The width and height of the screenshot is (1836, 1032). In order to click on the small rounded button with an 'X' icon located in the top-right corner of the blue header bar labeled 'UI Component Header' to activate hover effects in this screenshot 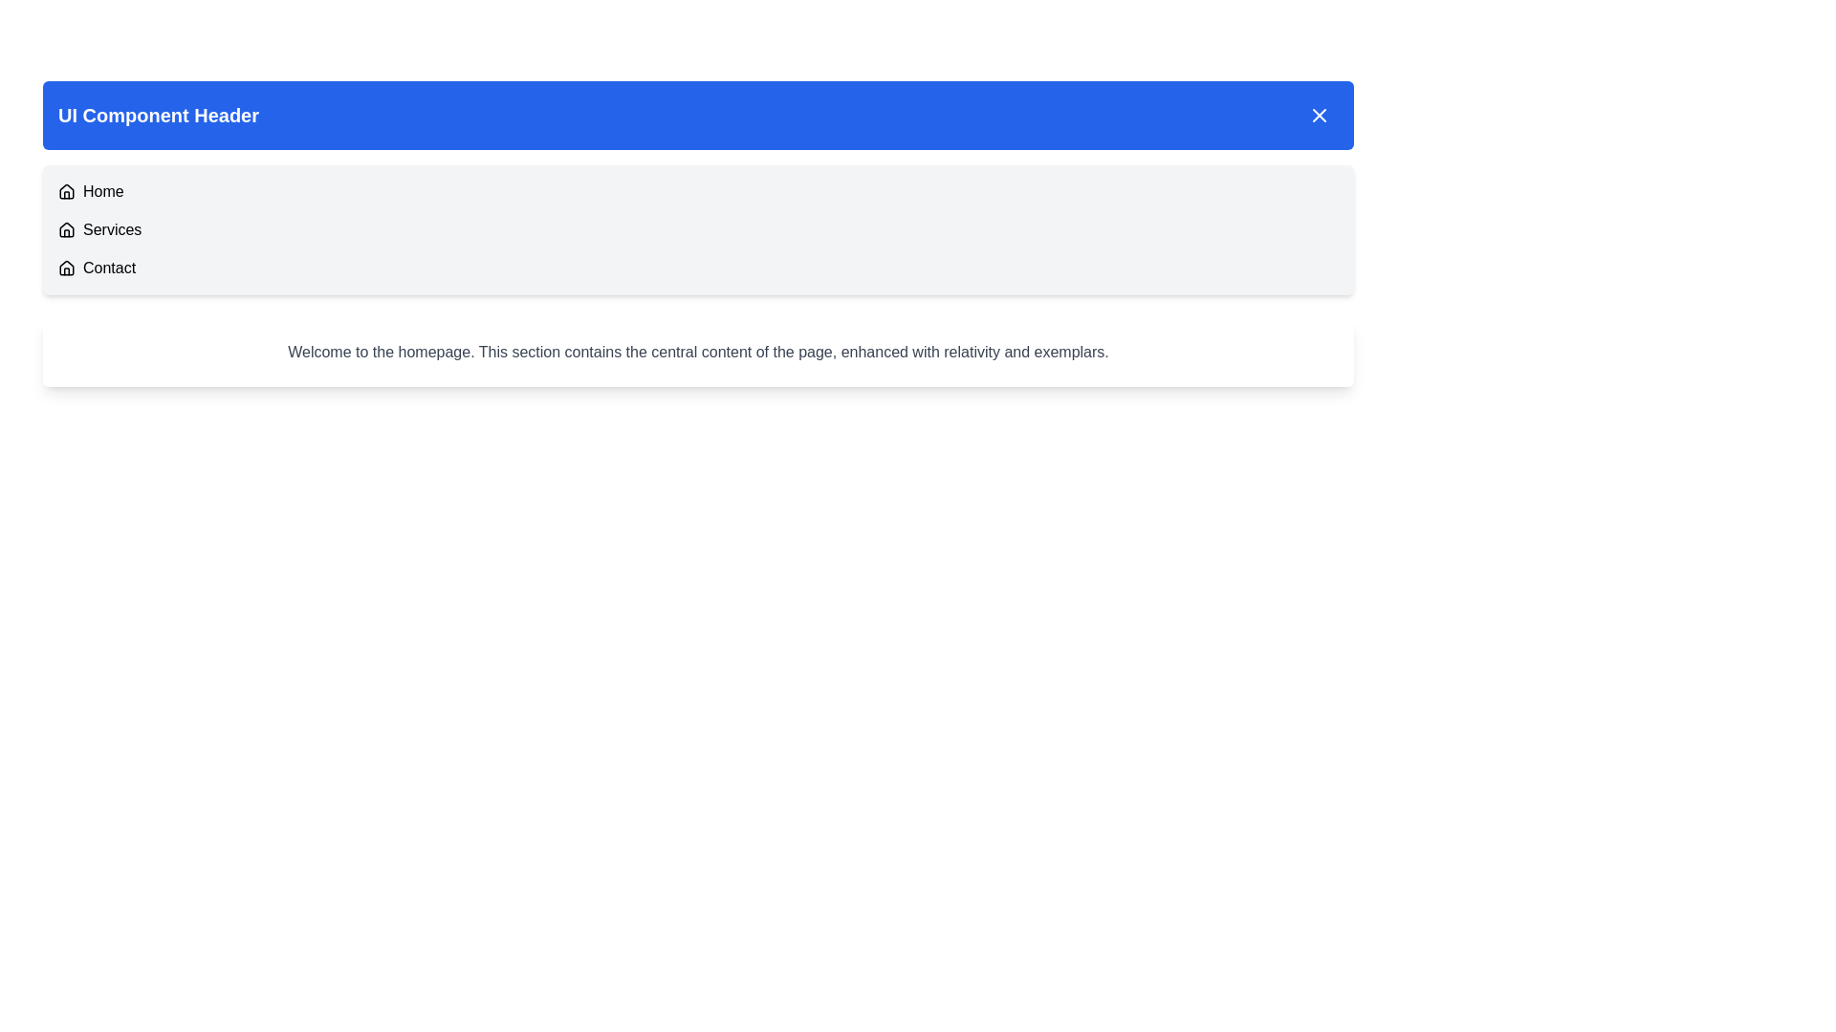, I will do `click(1319, 115)`.